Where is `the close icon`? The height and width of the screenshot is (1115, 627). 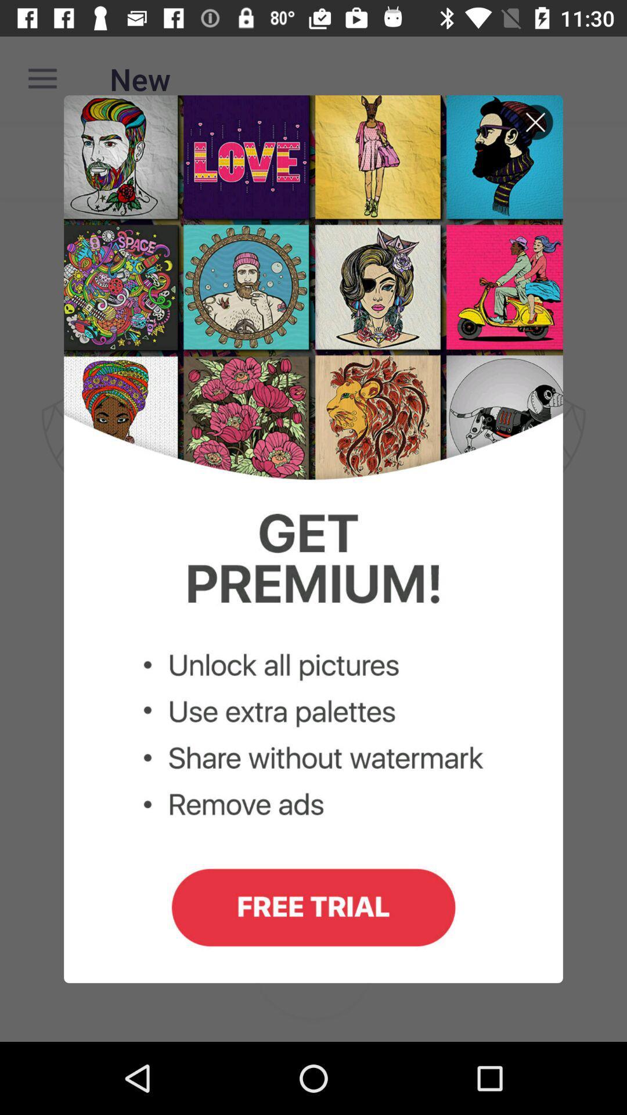
the close icon is located at coordinates (535, 131).